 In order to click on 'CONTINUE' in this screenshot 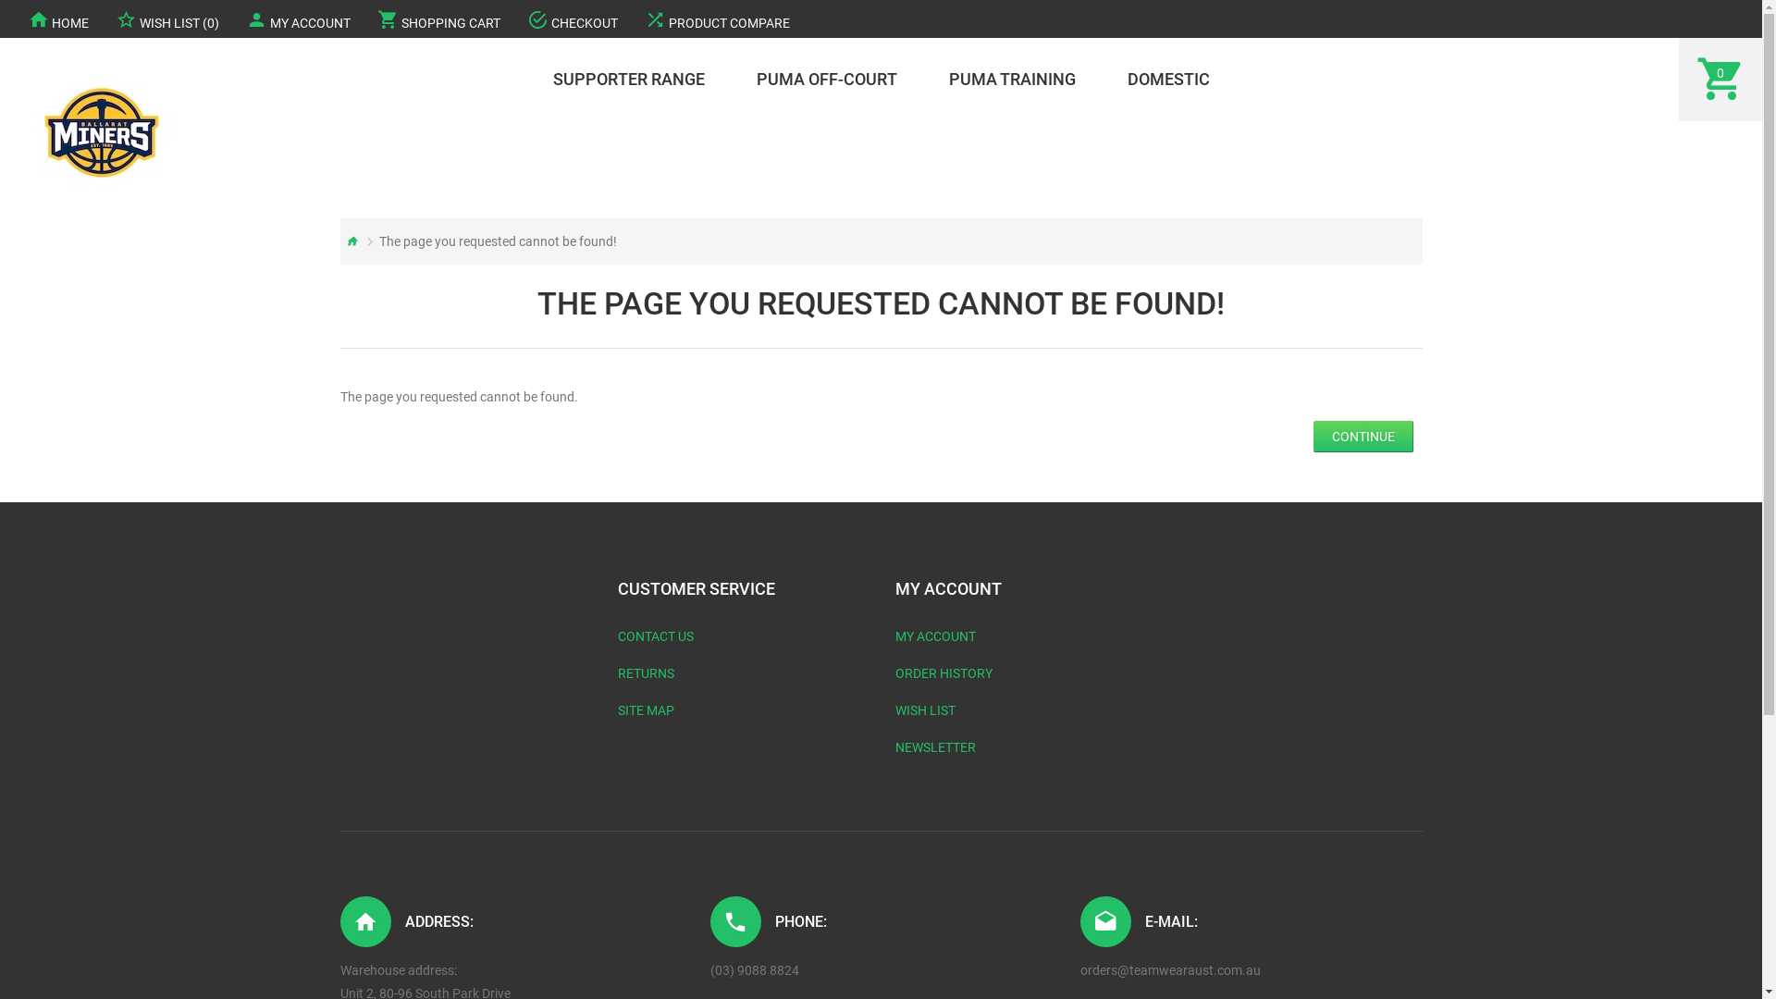, I will do `click(1363, 436)`.